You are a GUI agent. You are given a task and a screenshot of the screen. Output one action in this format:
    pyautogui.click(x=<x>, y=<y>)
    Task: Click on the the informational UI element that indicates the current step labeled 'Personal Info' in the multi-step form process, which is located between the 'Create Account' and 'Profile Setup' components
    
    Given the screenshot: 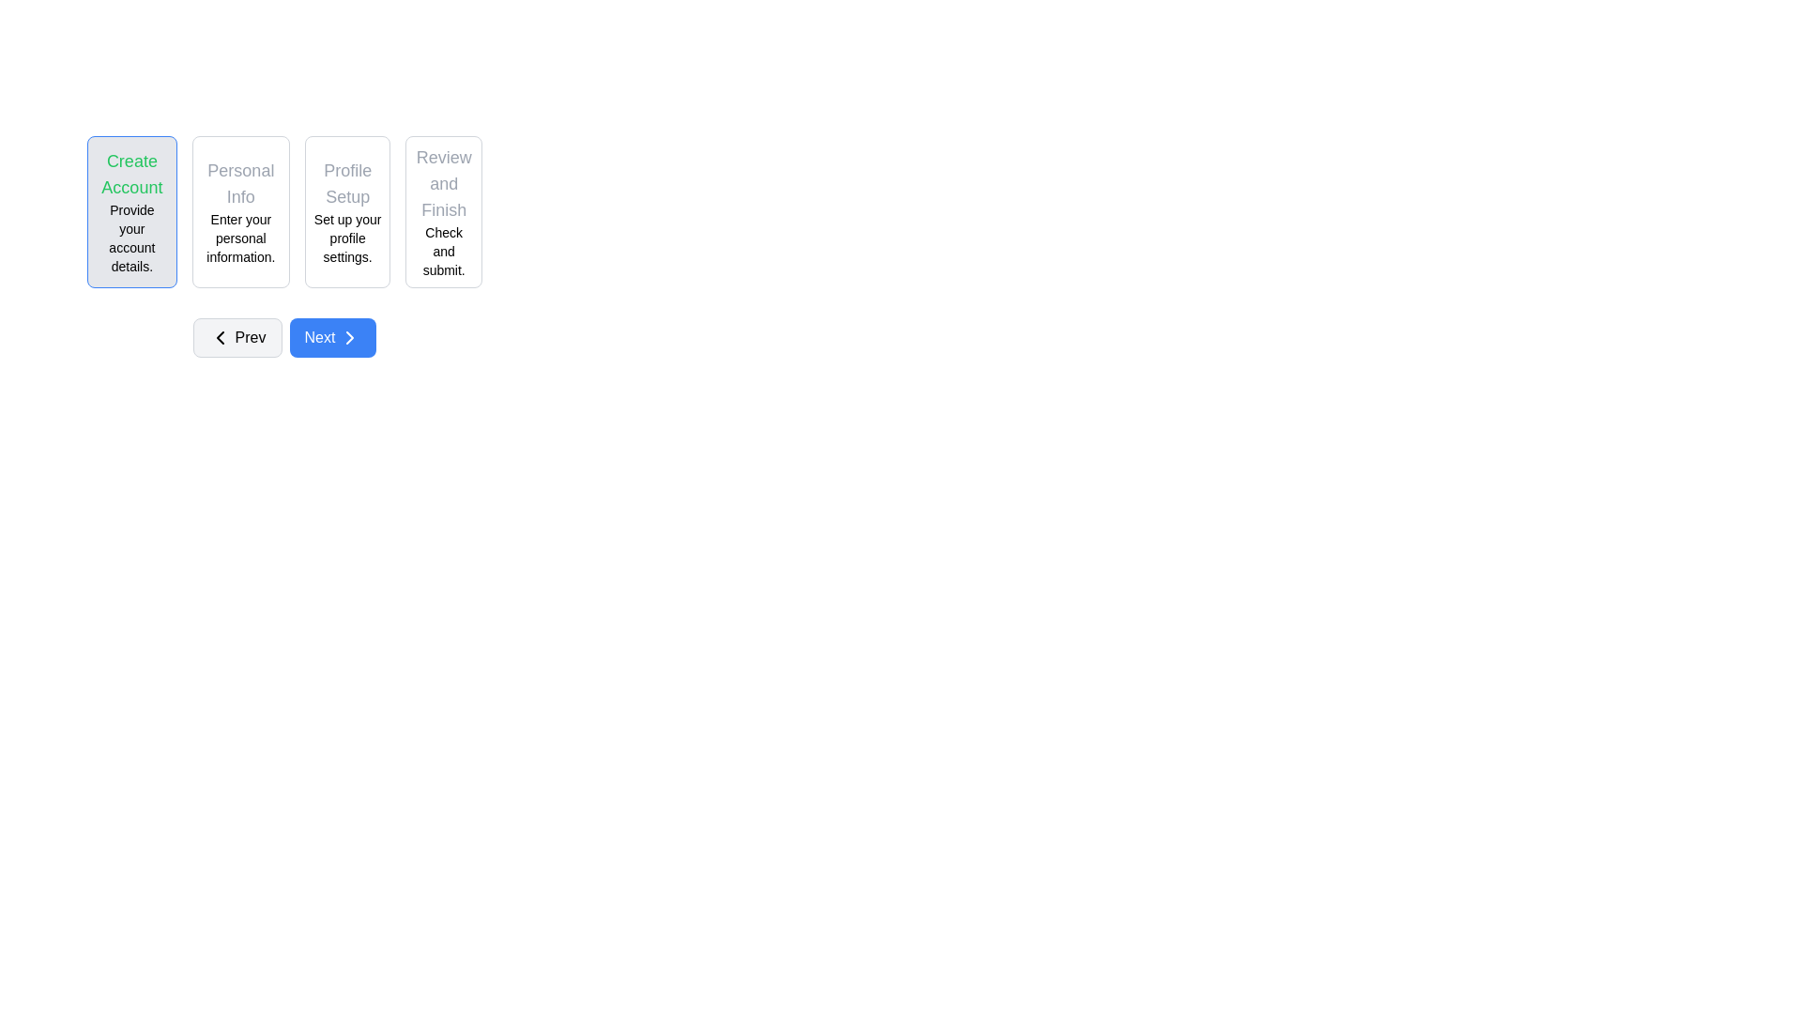 What is the action you would take?
    pyautogui.click(x=239, y=211)
    